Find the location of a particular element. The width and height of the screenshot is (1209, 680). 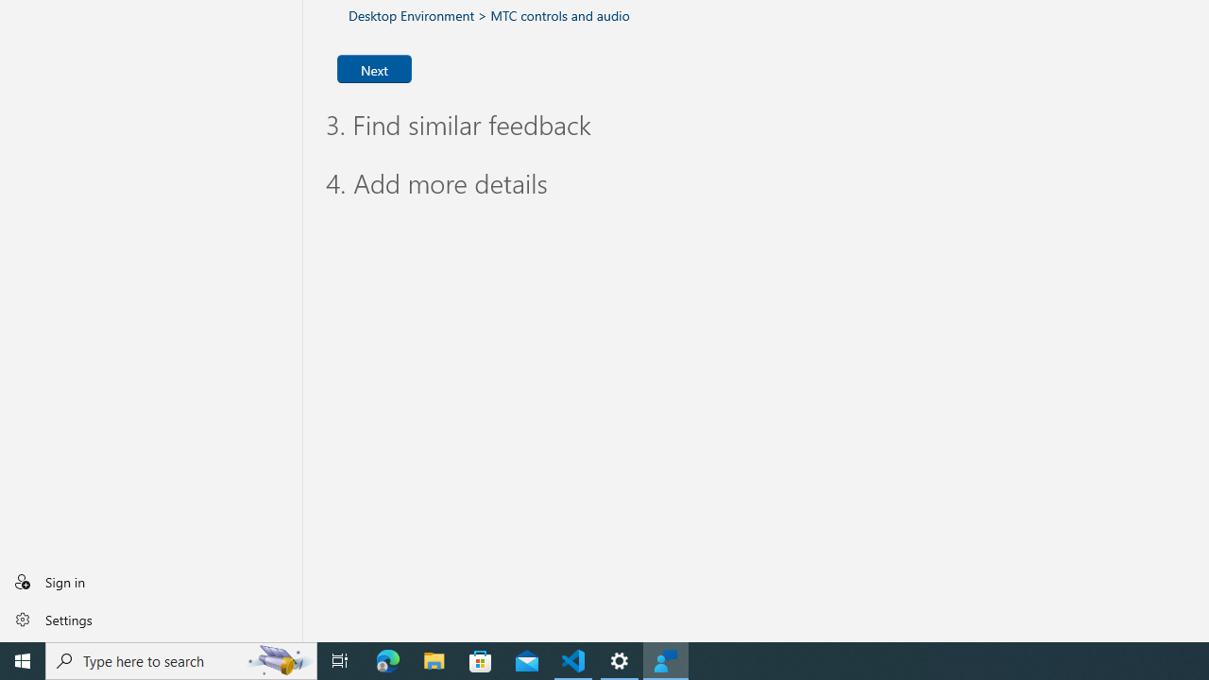

'Sign in' is located at coordinates (151, 581).